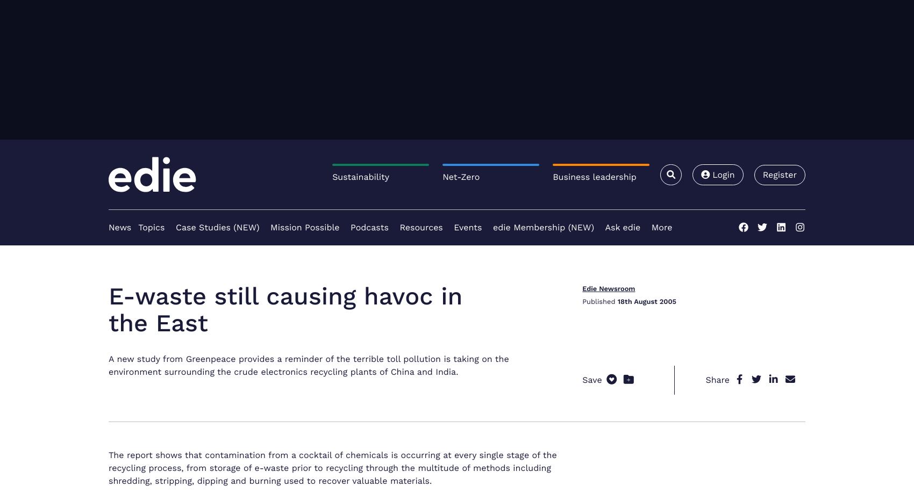  What do you see at coordinates (667, 225) in the screenshot?
I see `'JRP launches its ESG Jargon Buster'` at bounding box center [667, 225].